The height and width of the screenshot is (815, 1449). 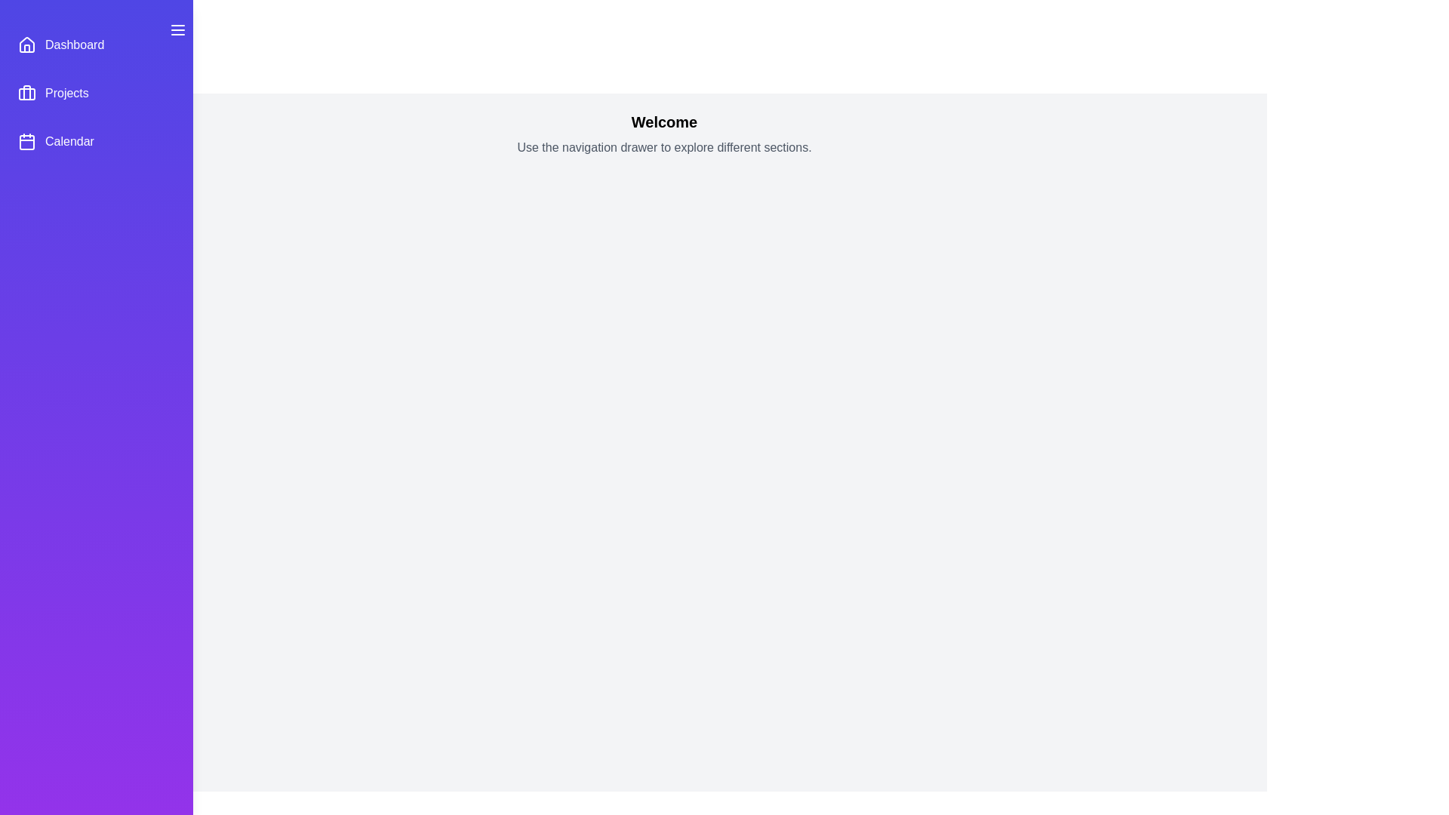 I want to click on the menu item Projects in the drawer, so click(x=96, y=93).